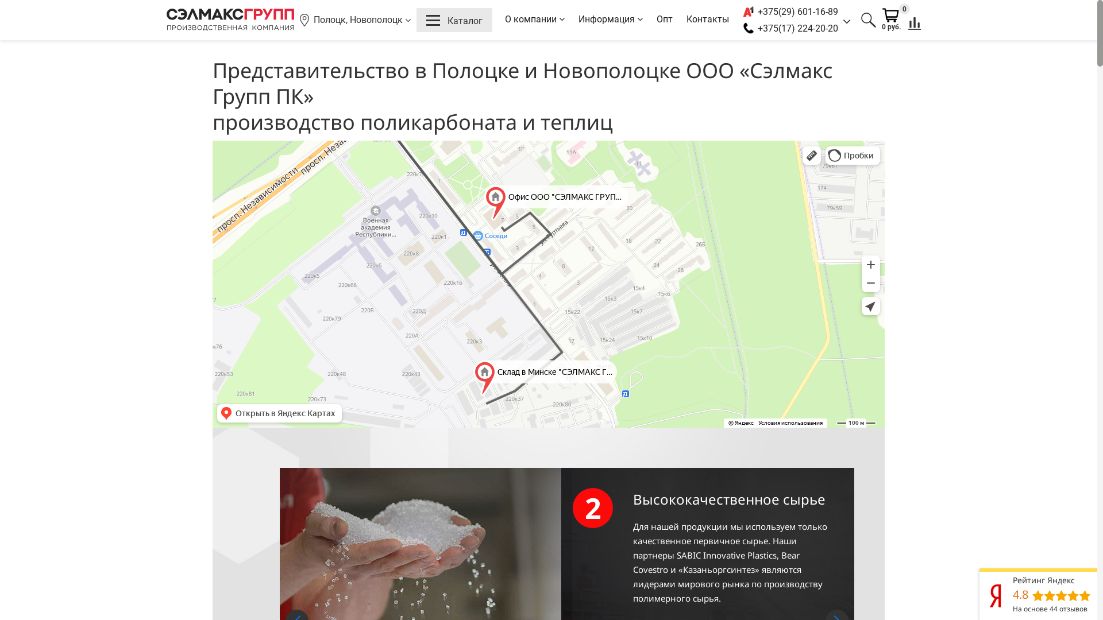 The width and height of the screenshot is (1103, 620). What do you see at coordinates (758, 11) in the screenshot?
I see `'+375(29) 601-16-89'` at bounding box center [758, 11].